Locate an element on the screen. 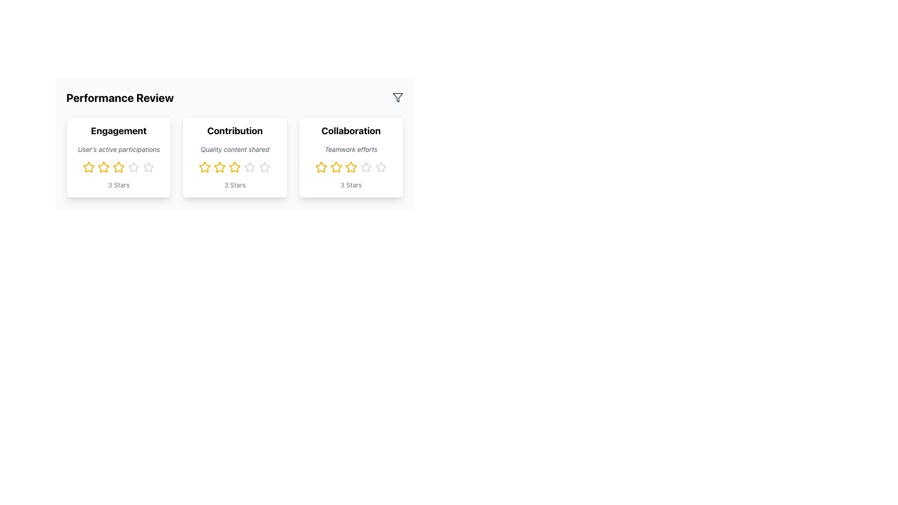  the card context that contains the bold 'Engagement' text element, which is the title of the section in the Performance Review area is located at coordinates (118, 131).